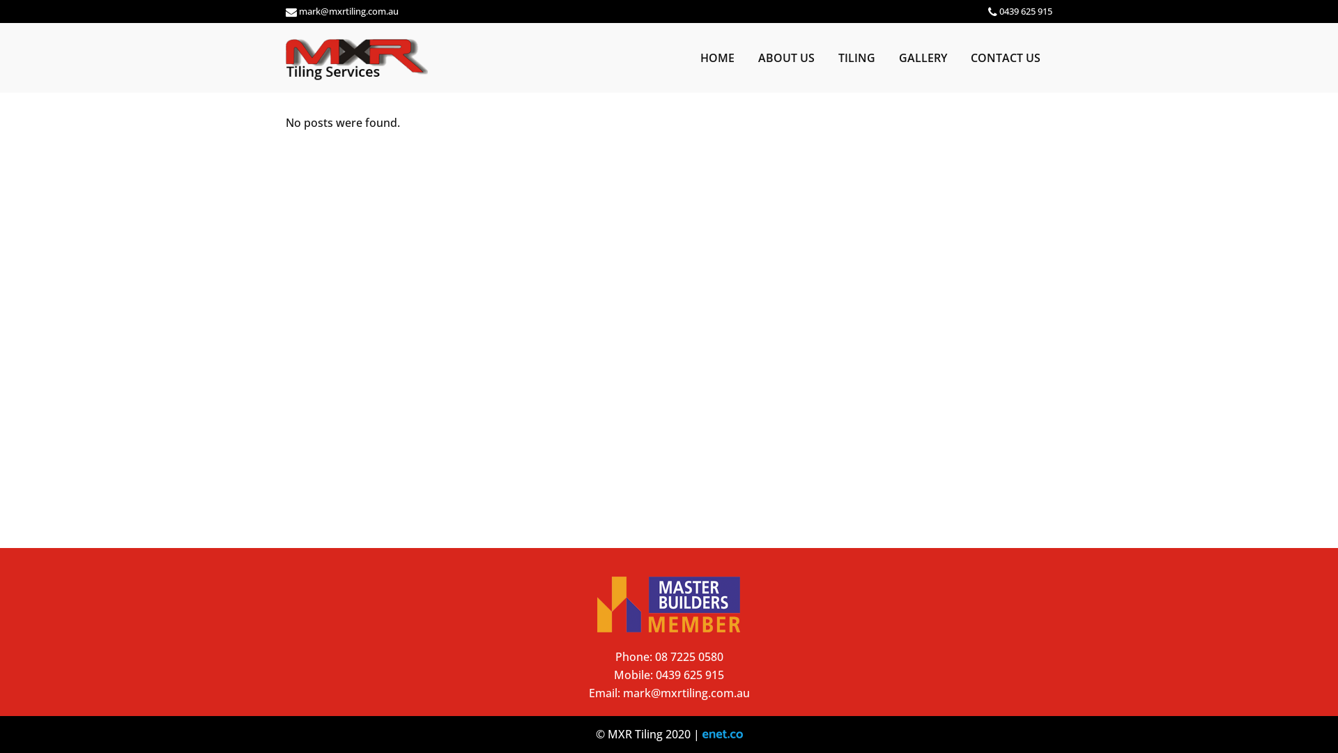 This screenshot has height=753, width=1338. I want to click on '08 7225 0580', so click(689, 656).